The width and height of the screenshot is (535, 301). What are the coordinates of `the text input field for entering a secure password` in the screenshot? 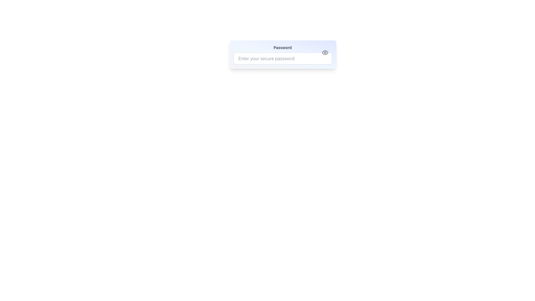 It's located at (283, 58).